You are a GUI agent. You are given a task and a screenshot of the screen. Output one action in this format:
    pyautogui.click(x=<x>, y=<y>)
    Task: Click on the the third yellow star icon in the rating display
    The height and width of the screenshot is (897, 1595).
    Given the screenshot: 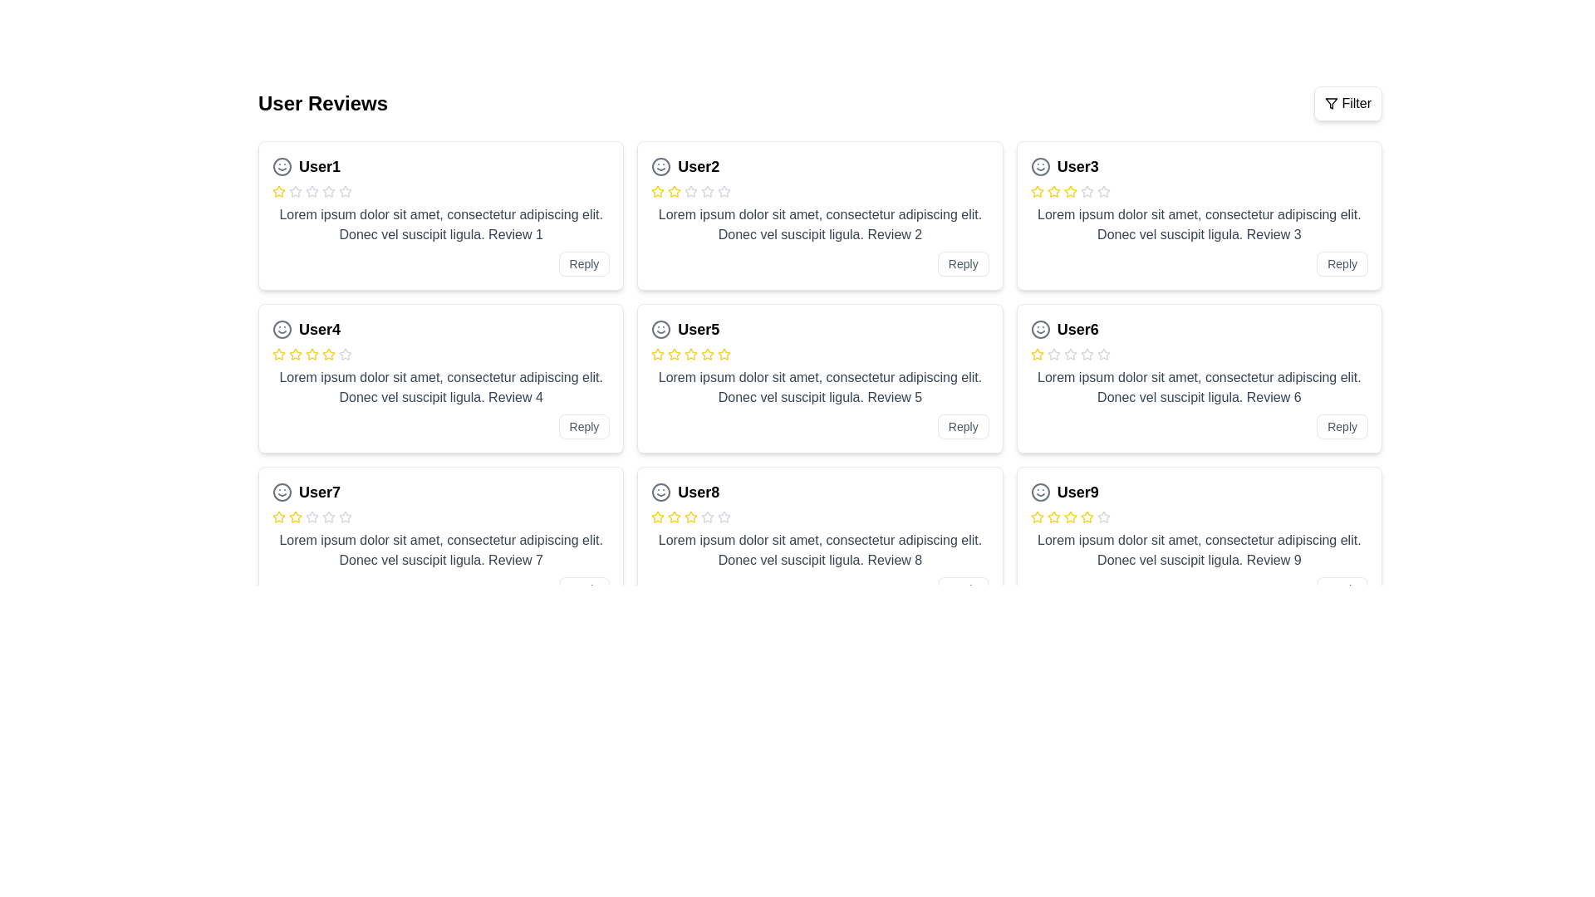 What is the action you would take?
    pyautogui.click(x=1053, y=517)
    